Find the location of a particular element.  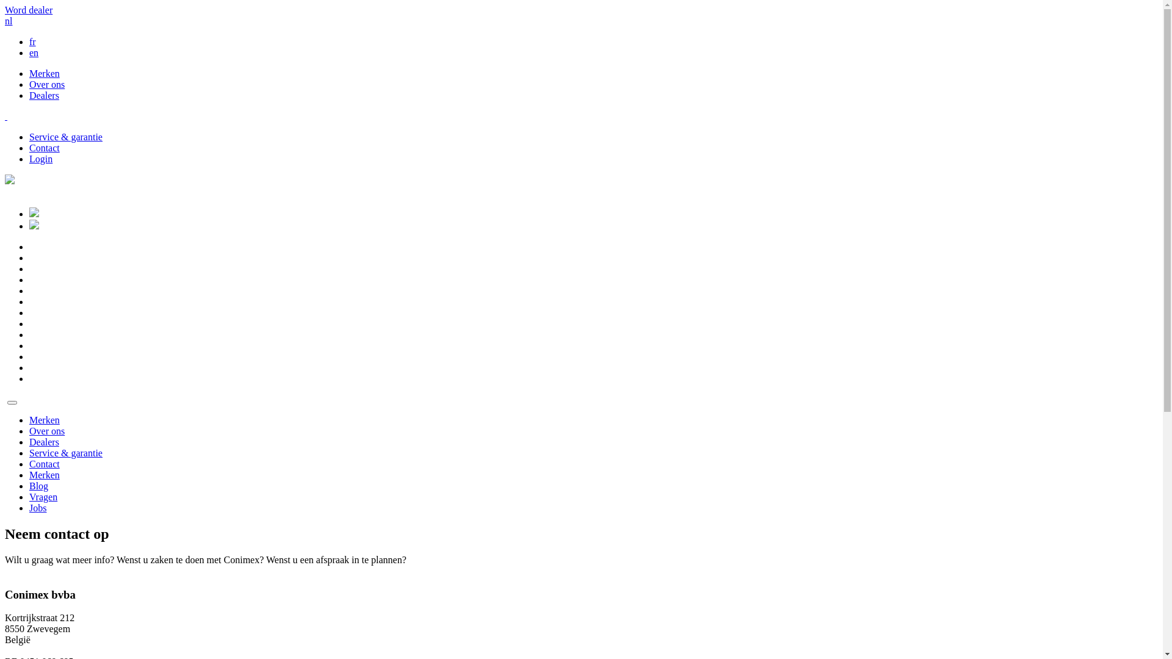

'Jobs' is located at coordinates (38, 508).